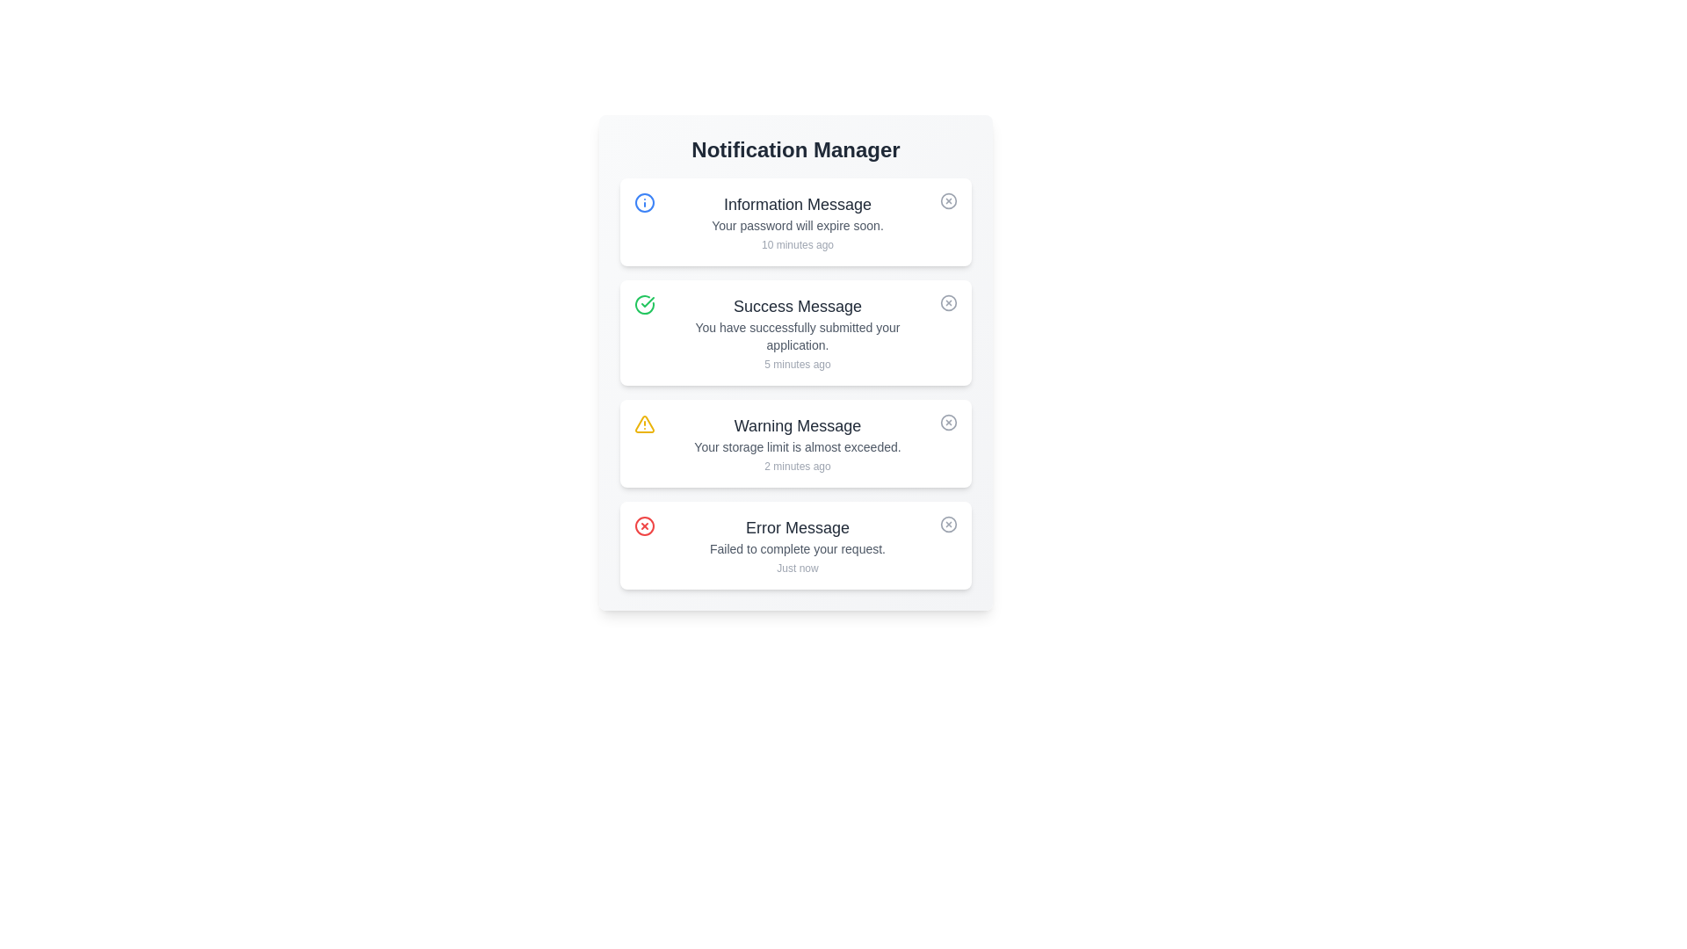 The height and width of the screenshot is (949, 1687). I want to click on the descriptive text label within the 'Error Message' notification panel, located beneath the main heading 'Error Message' and above the timestamp 'Just now', so click(796, 547).